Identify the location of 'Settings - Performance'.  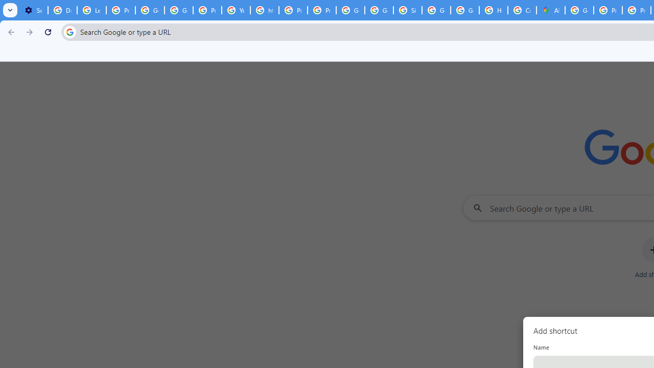
(33, 10).